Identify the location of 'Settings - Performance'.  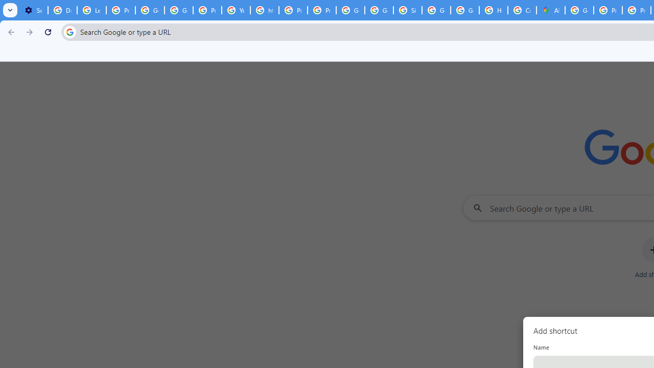
(33, 10).